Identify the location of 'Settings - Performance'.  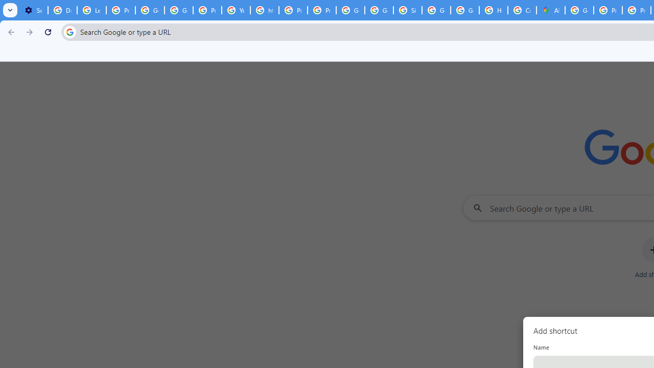
(33, 10).